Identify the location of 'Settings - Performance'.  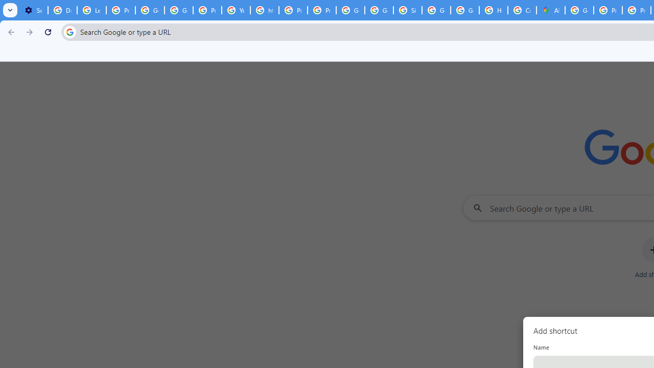
(33, 10).